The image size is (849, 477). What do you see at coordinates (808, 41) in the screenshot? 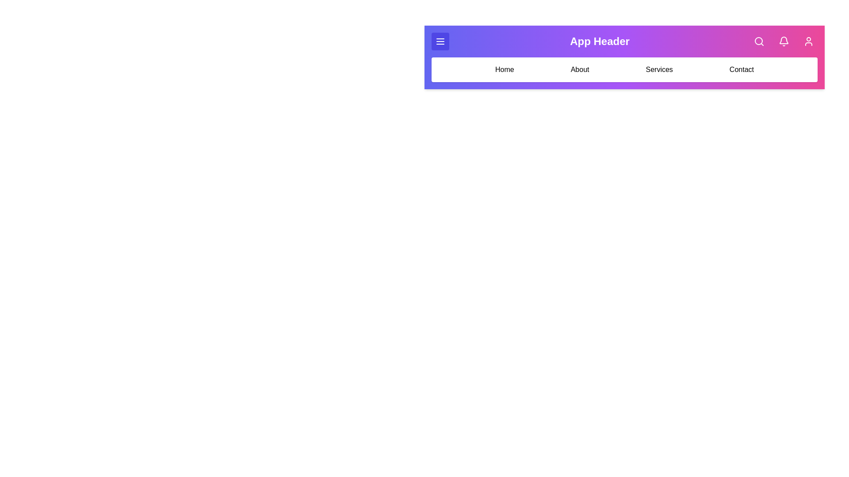
I see `the user icon in the application bar` at bounding box center [808, 41].